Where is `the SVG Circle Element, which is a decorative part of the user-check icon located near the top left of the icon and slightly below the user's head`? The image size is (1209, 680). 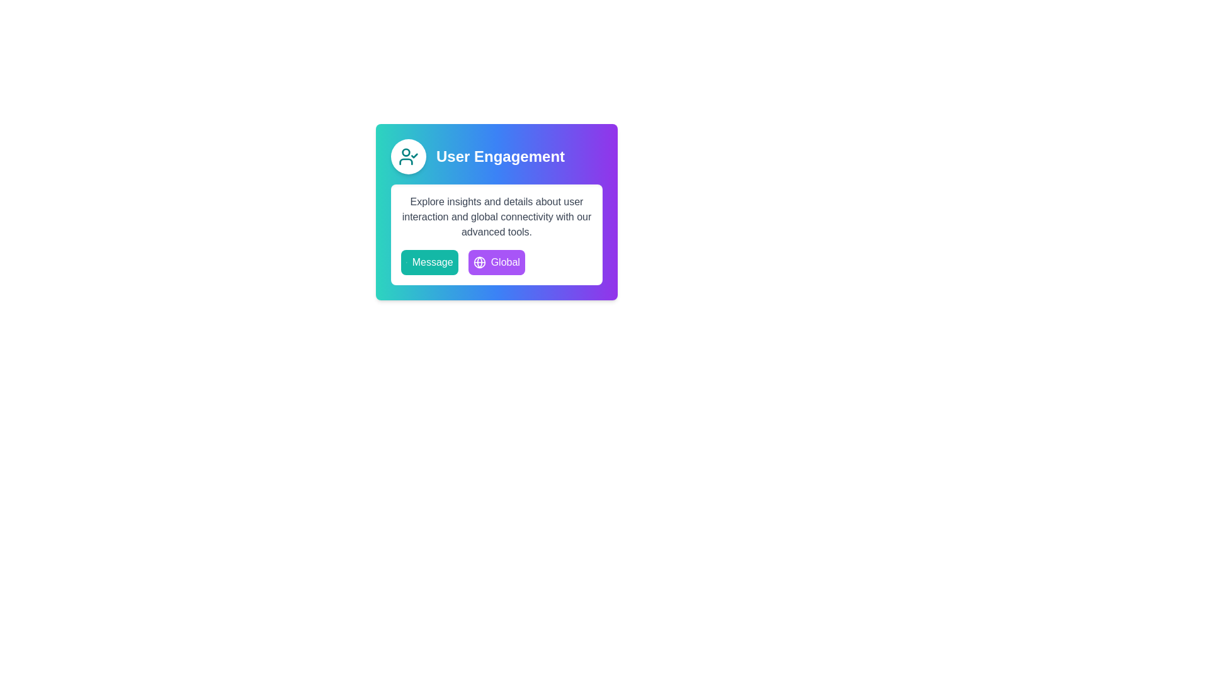 the SVG Circle Element, which is a decorative part of the user-check icon located near the top left of the icon and slightly below the user's head is located at coordinates (406, 152).